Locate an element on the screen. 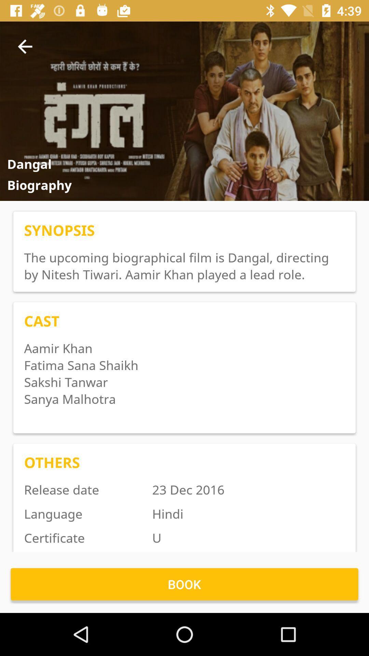 This screenshot has width=369, height=656. the book item is located at coordinates (184, 584).